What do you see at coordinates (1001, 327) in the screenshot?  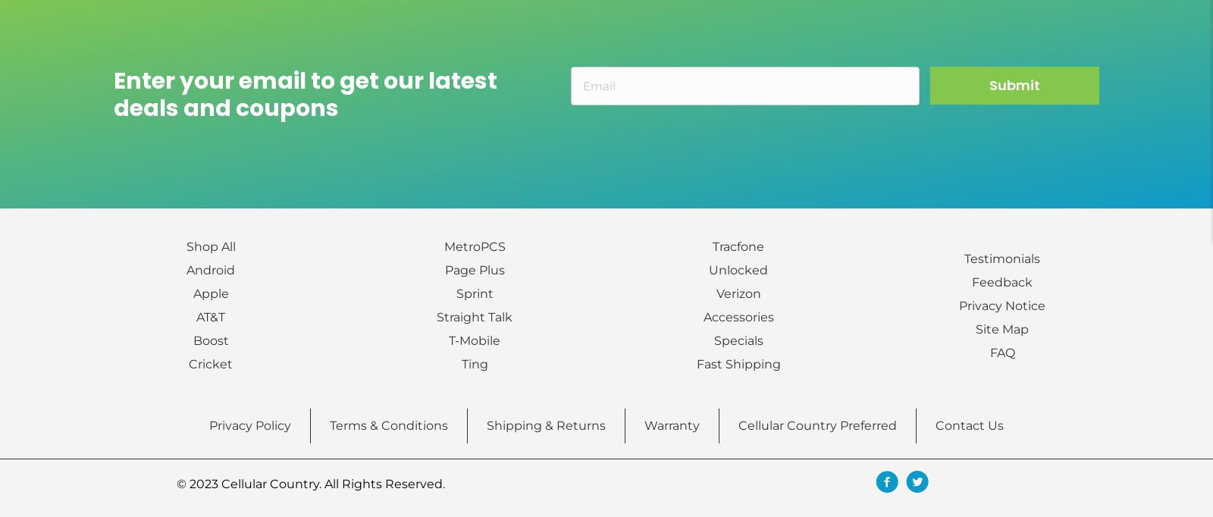 I see `'Site Map'` at bounding box center [1001, 327].